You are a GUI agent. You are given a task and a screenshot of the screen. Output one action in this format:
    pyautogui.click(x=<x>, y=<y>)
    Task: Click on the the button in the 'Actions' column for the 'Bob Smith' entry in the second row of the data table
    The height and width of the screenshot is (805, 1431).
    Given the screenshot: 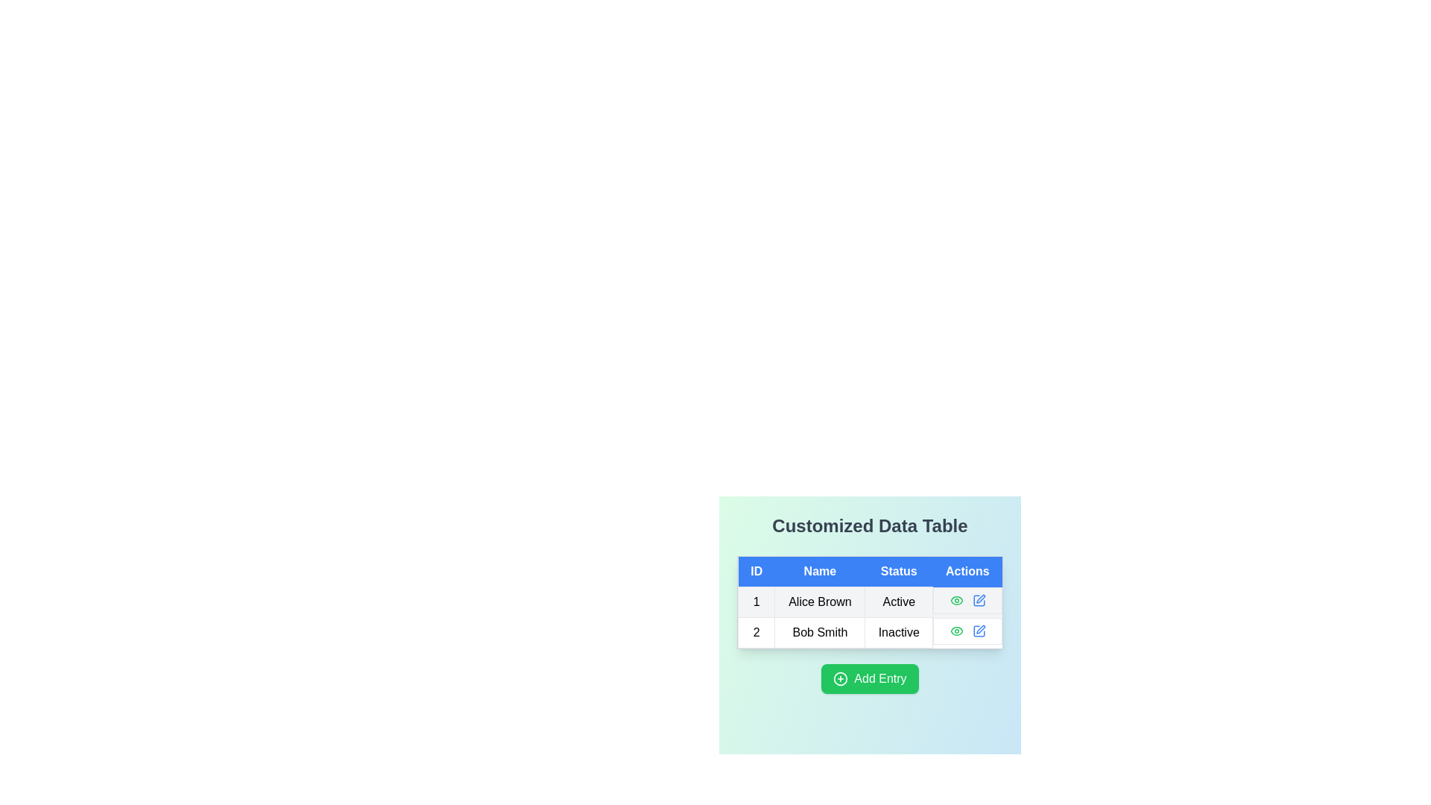 What is the action you would take?
    pyautogui.click(x=979, y=631)
    